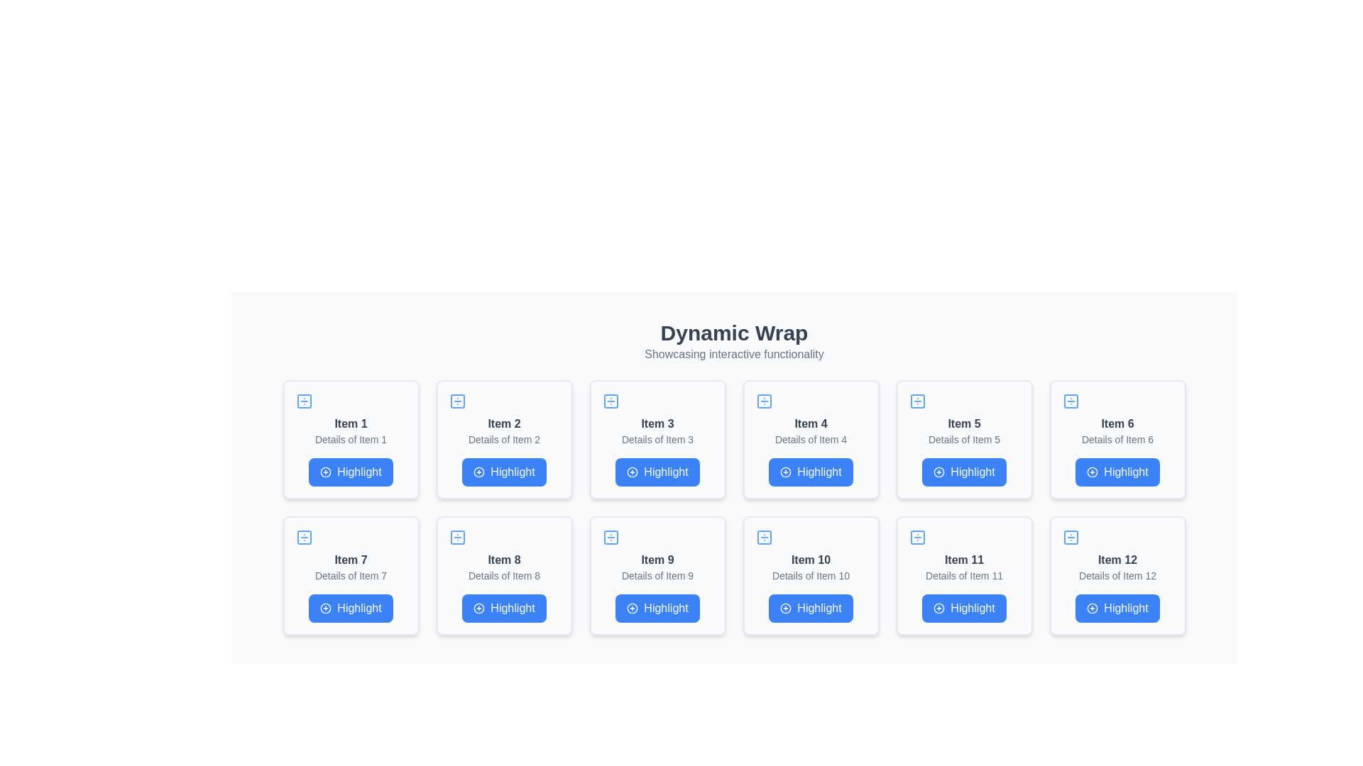 This screenshot has height=766, width=1363. What do you see at coordinates (351, 607) in the screenshot?
I see `the rectangular blue button labeled 'Highlight' with a plus sign icon` at bounding box center [351, 607].